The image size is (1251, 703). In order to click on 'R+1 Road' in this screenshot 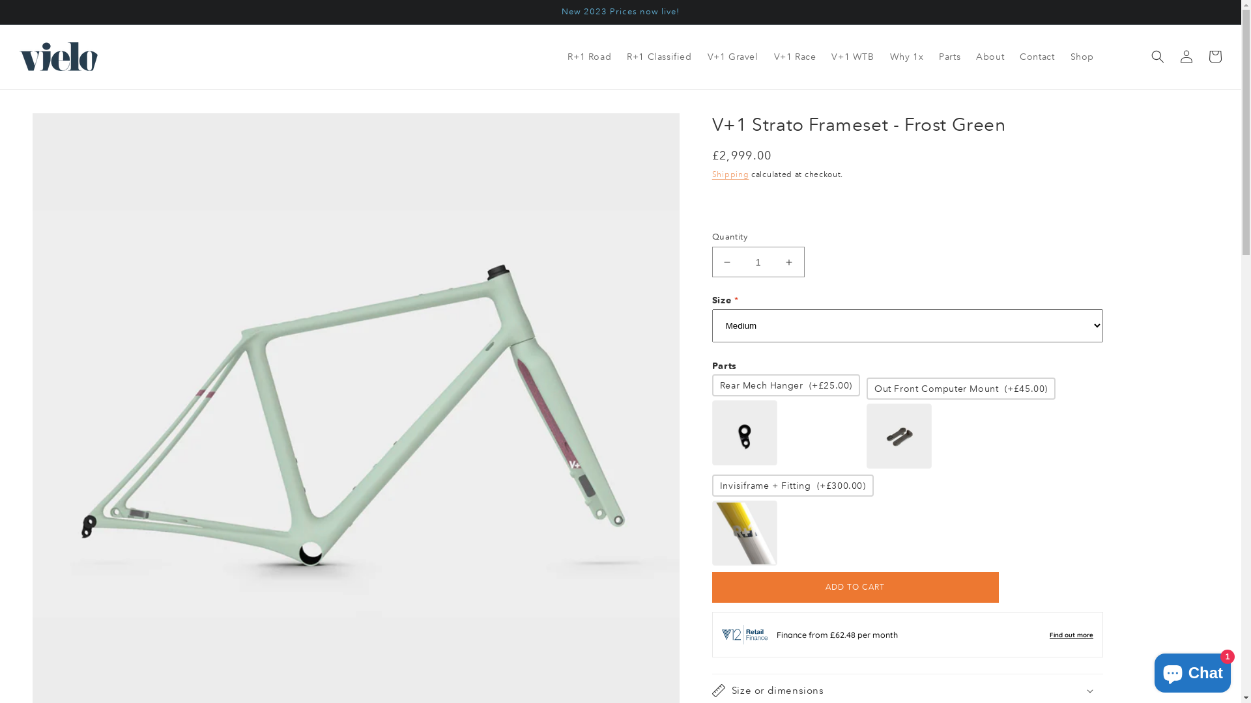, I will do `click(588, 56)`.